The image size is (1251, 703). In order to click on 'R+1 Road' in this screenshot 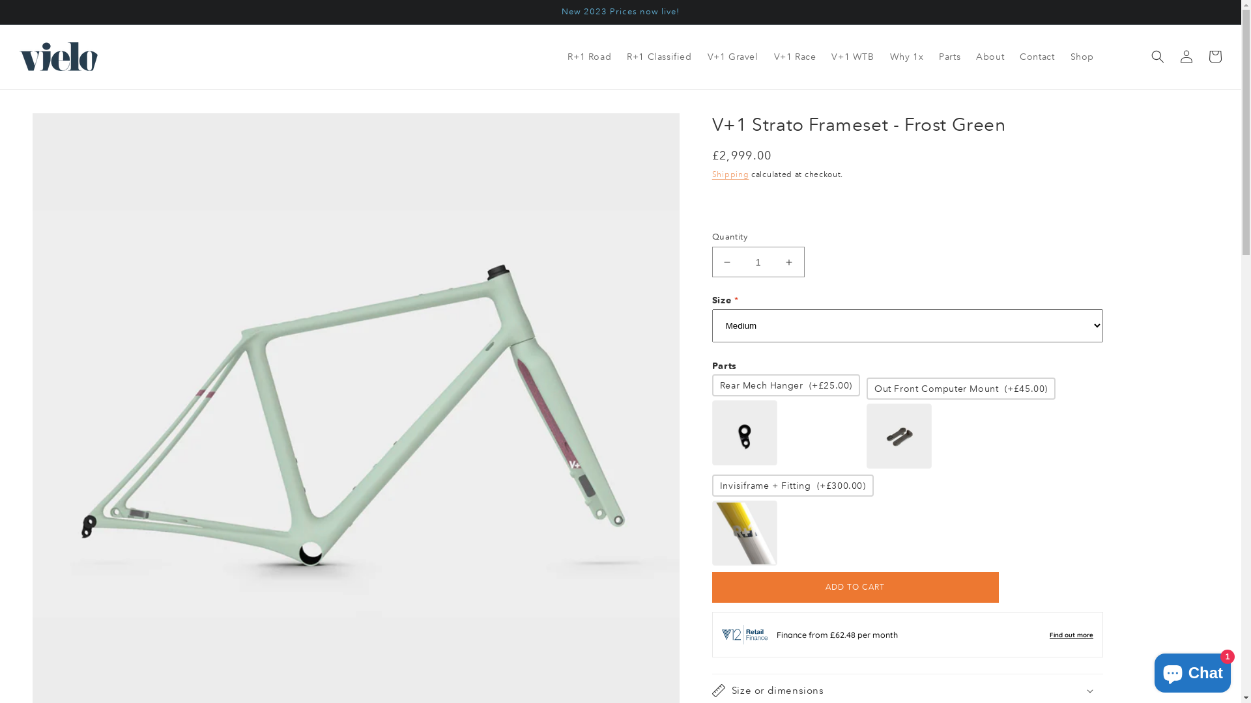, I will do `click(588, 56)`.